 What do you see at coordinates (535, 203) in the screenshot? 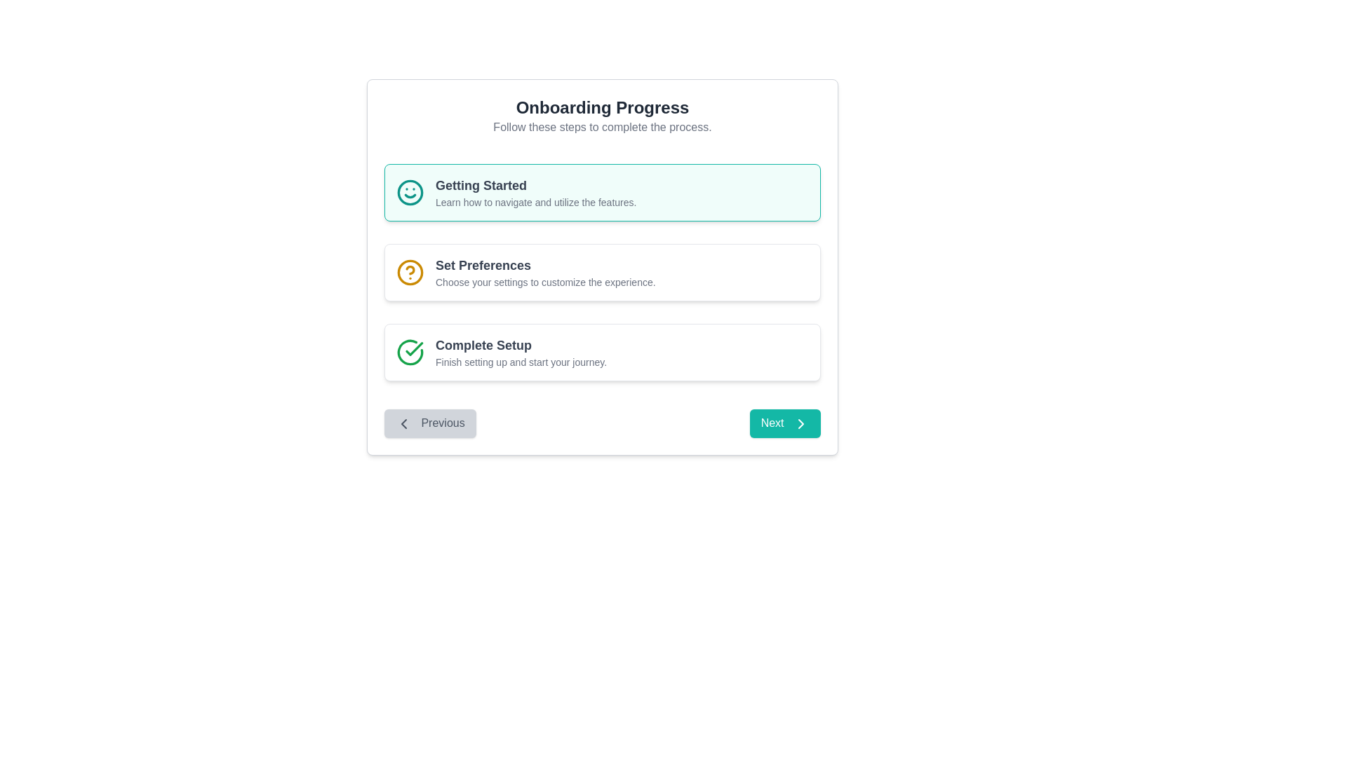
I see `static text element containing the phrase 'Learn how to navigate and utilize the features.' which is located below the 'Getting Started' header in the onboarding progress interface` at bounding box center [535, 203].